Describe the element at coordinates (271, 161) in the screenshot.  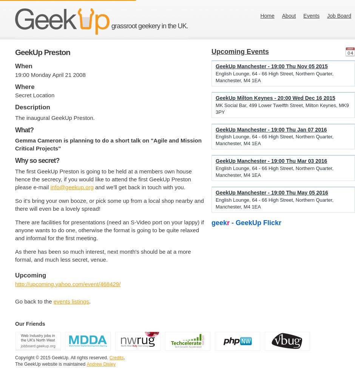
I see `'GeekUp Manchester - 19:00 Thu Mar 03 2016'` at that location.